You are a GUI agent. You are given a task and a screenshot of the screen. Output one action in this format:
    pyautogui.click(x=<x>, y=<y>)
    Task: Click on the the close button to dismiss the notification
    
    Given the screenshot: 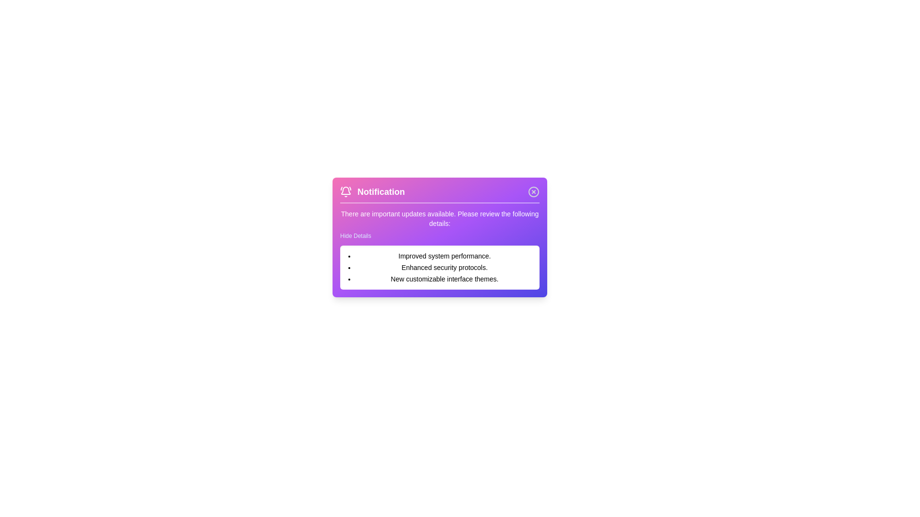 What is the action you would take?
    pyautogui.click(x=533, y=192)
    